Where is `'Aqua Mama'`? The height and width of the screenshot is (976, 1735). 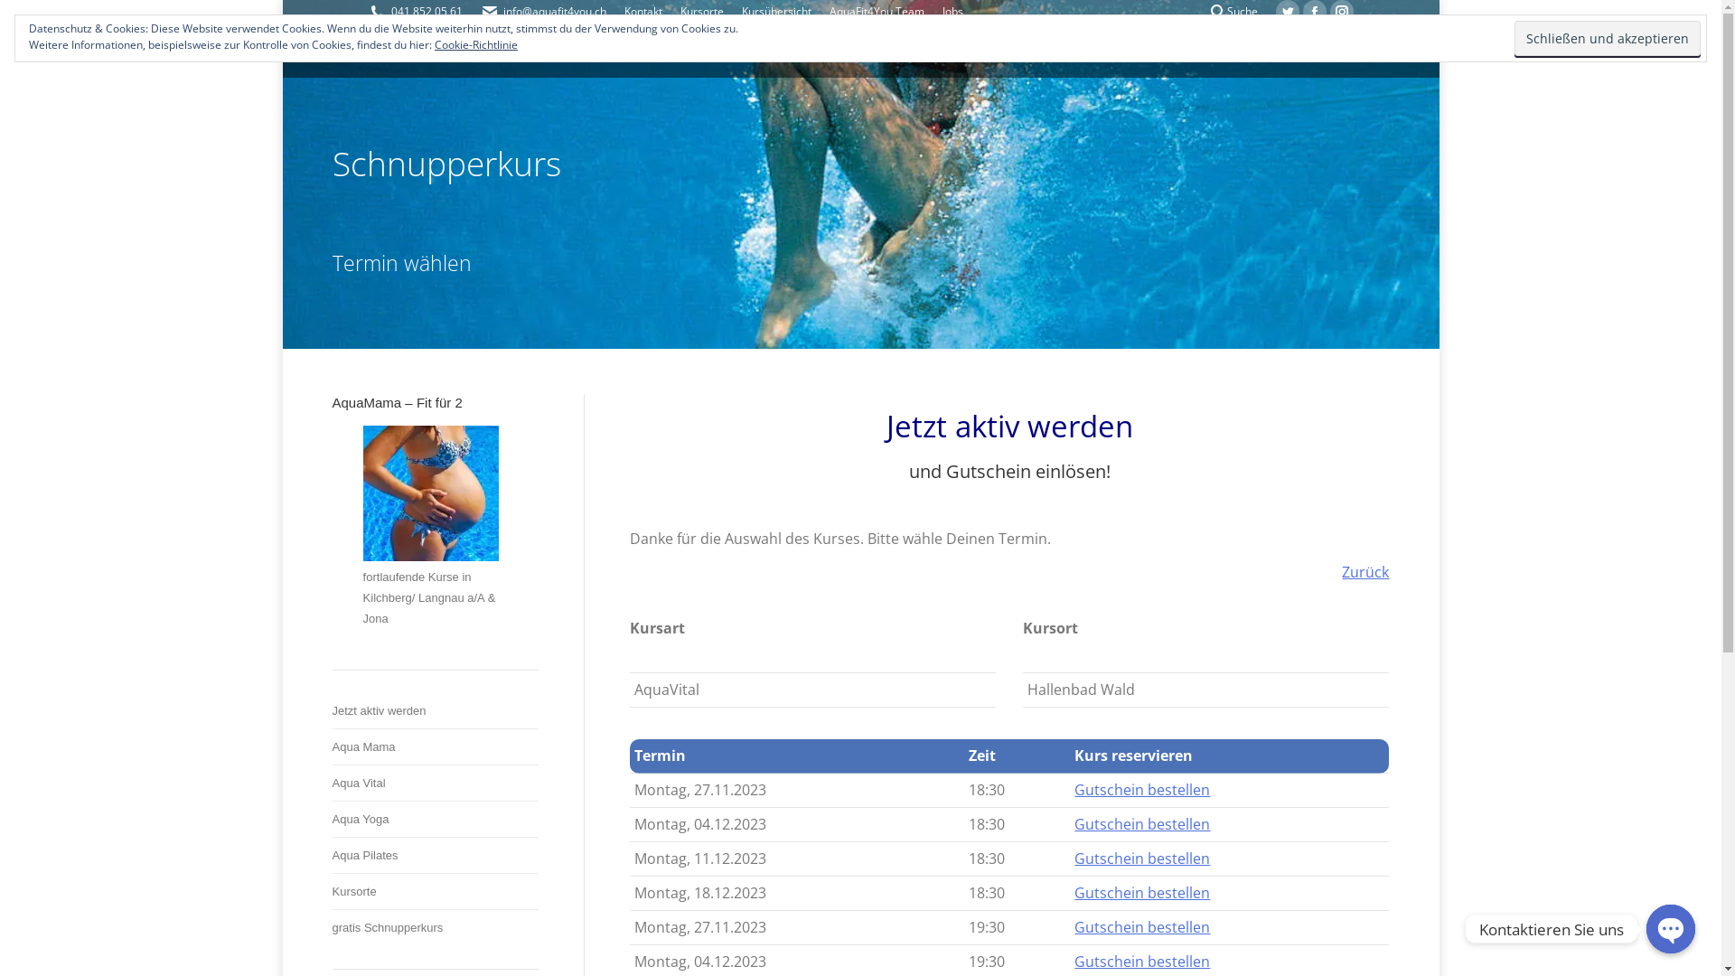 'Aqua Mama' is located at coordinates (333, 746).